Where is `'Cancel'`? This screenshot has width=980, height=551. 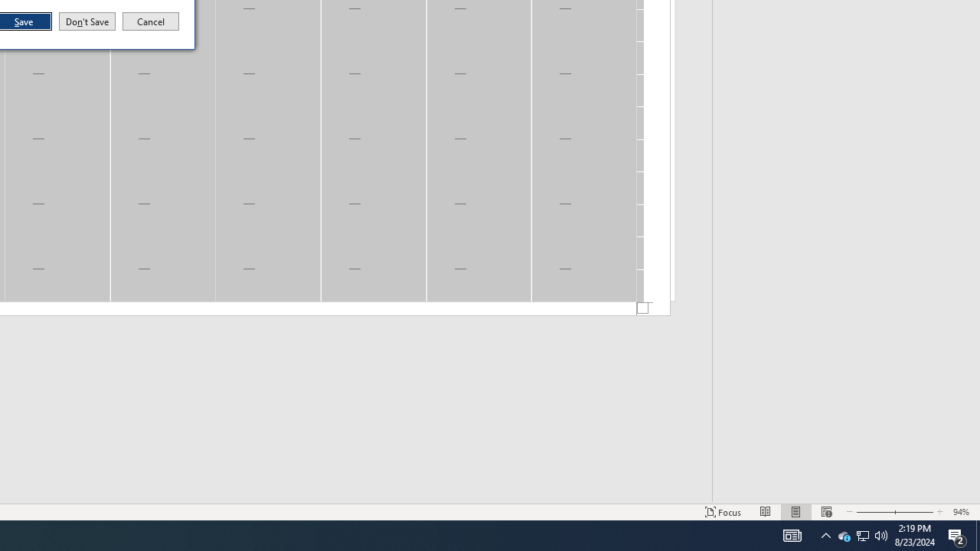
'Cancel' is located at coordinates (151, 21).